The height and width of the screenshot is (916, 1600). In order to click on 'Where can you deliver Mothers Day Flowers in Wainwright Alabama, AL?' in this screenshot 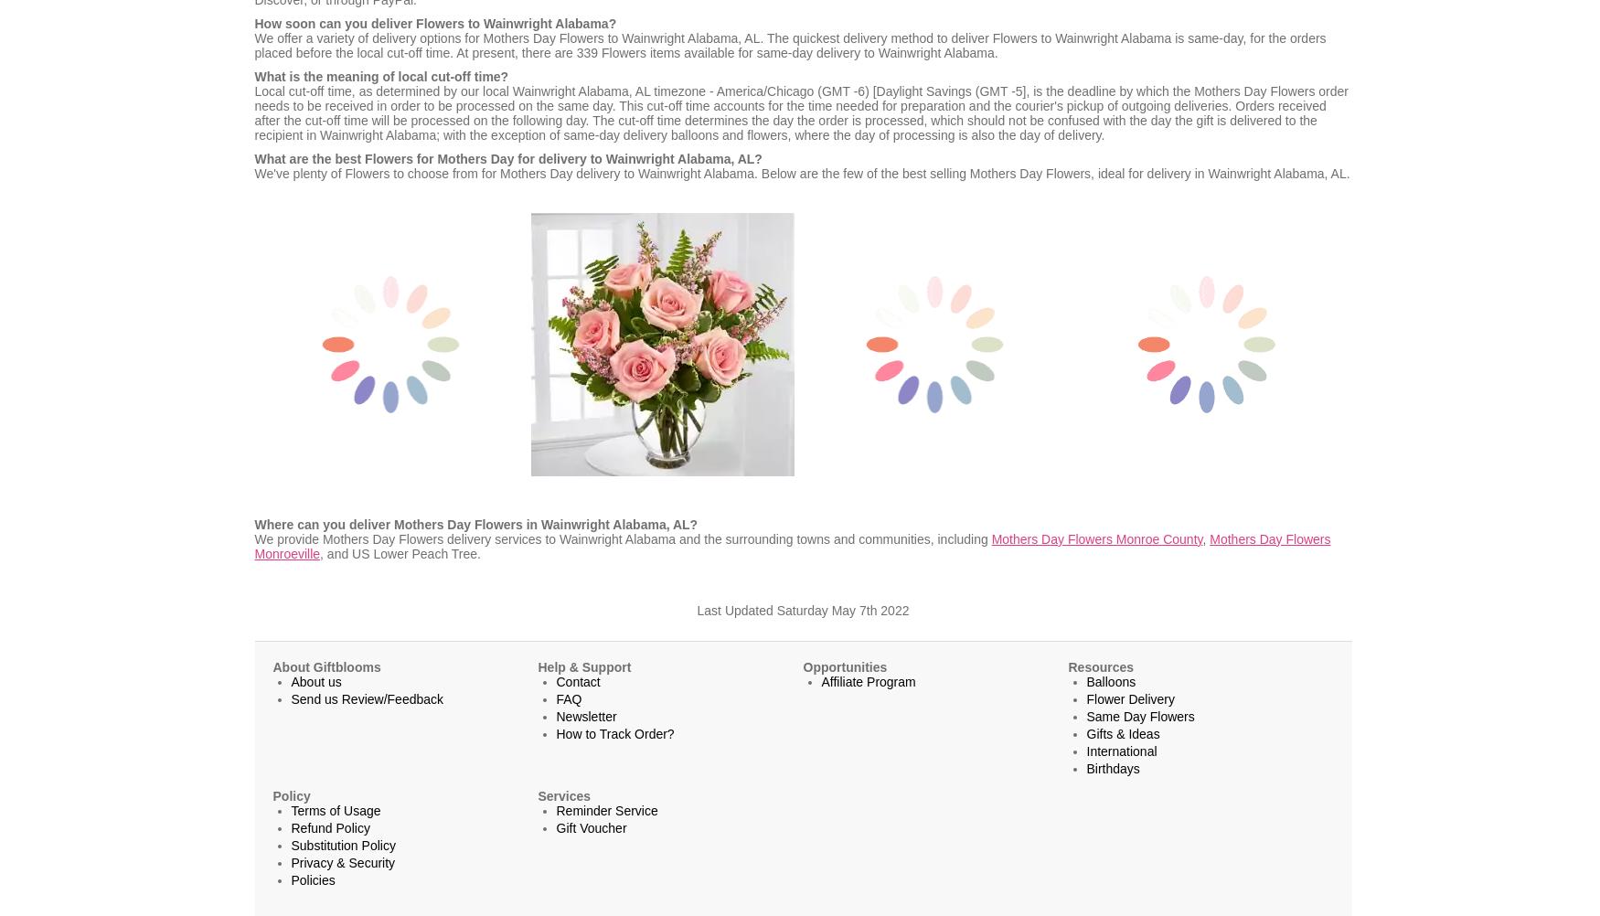, I will do `click(475, 524)`.